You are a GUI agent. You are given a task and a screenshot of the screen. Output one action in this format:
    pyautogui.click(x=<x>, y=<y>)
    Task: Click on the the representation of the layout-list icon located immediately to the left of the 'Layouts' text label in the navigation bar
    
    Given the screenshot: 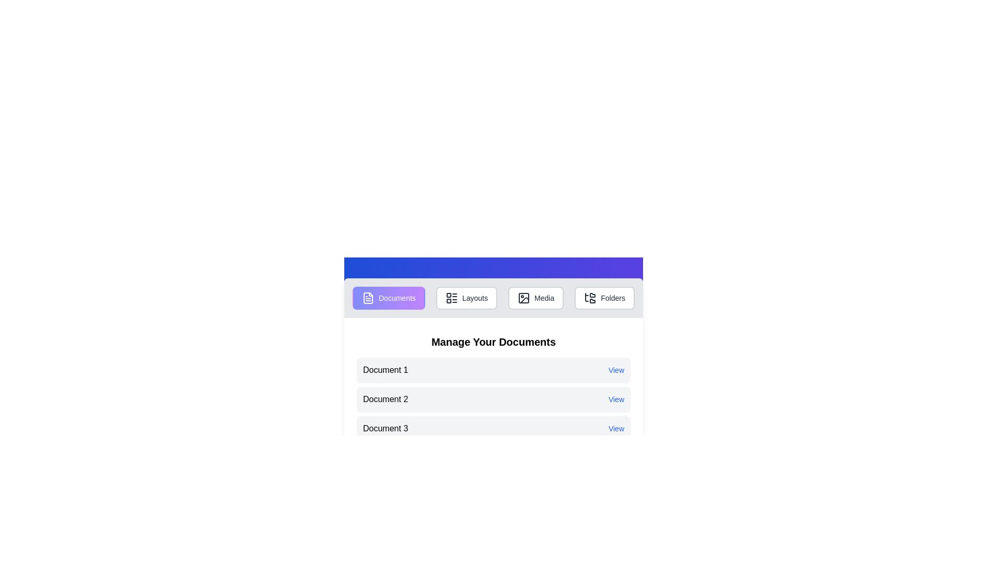 What is the action you would take?
    pyautogui.click(x=451, y=298)
    